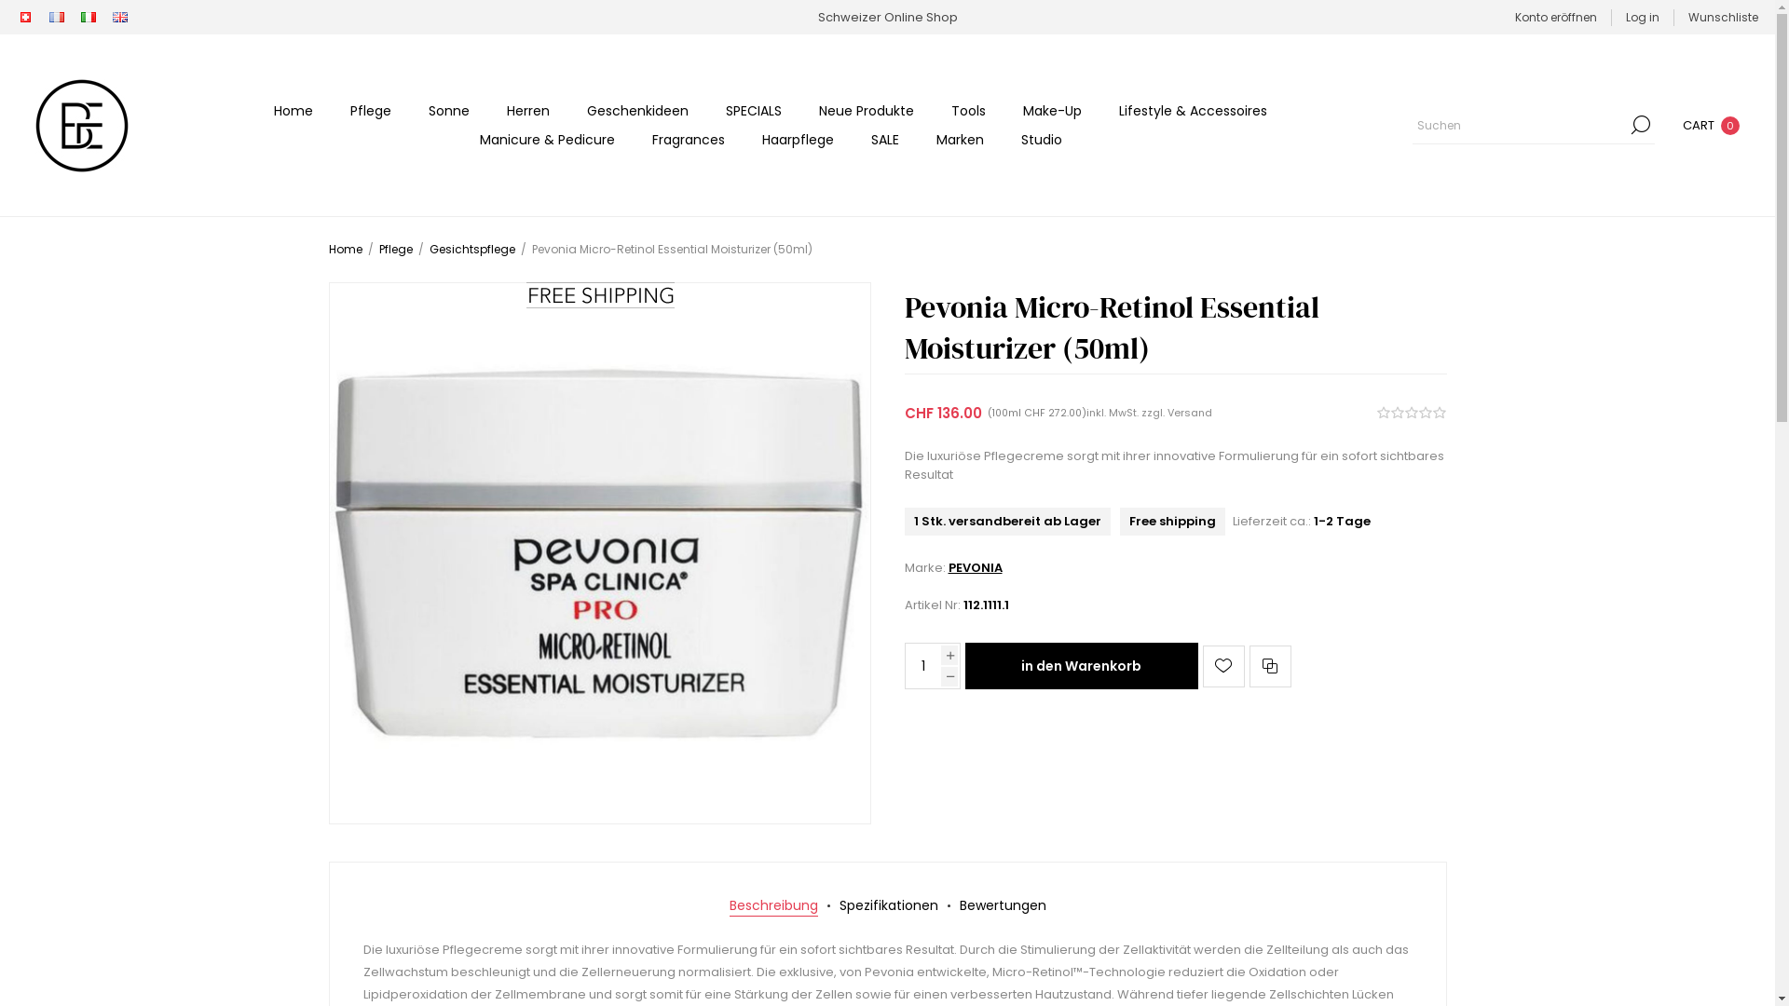  What do you see at coordinates (974, 566) in the screenshot?
I see `'PEVONIA'` at bounding box center [974, 566].